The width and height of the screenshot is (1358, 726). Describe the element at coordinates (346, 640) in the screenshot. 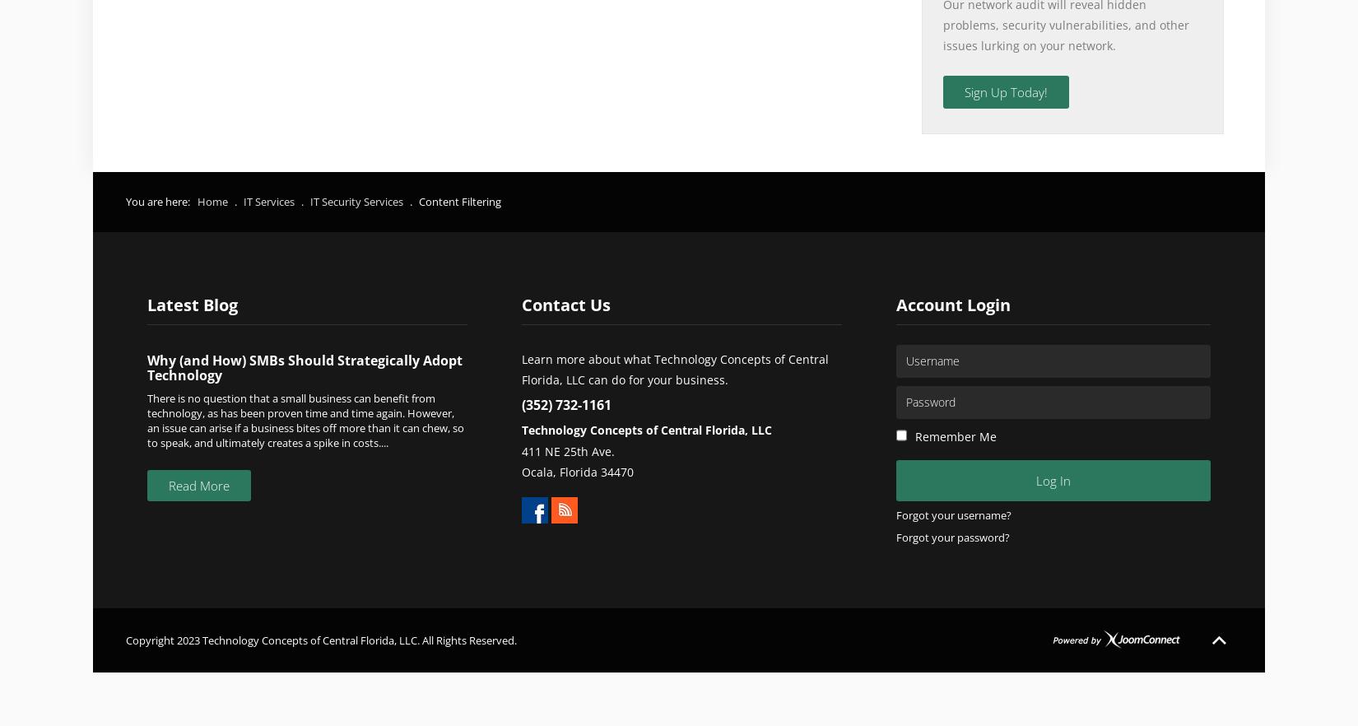

I see `'2023
Technology Concepts of Central Florida, LLC. All Rights Reserved.'` at that location.